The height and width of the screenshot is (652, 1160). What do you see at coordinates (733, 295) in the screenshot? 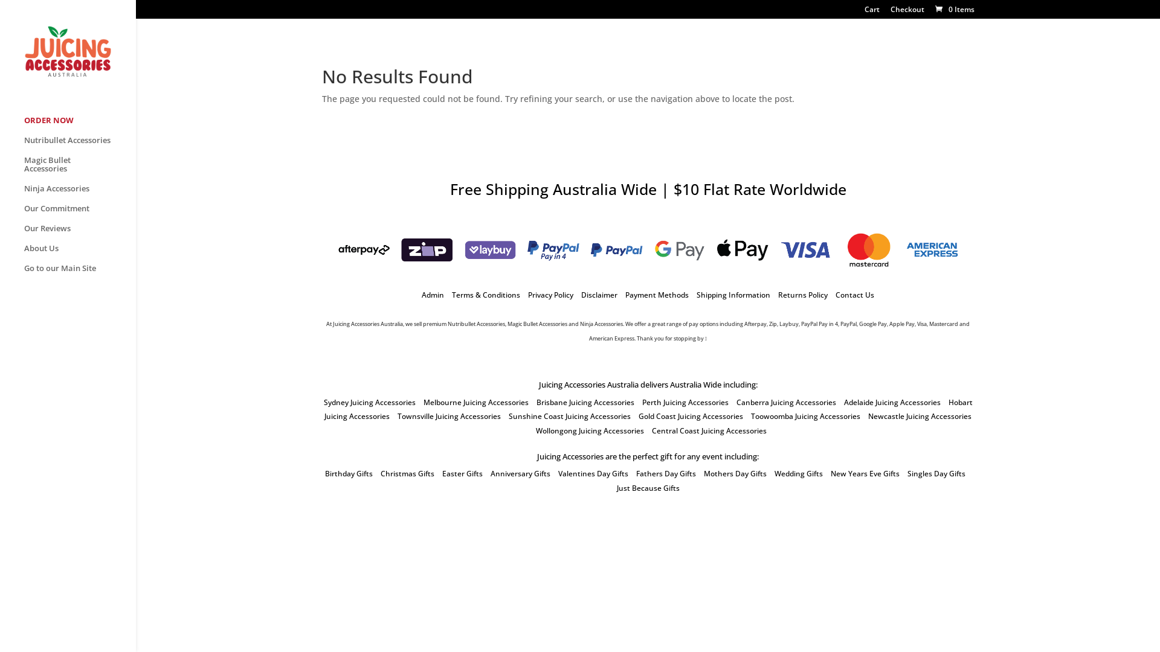
I see `'Shipping Information'` at bounding box center [733, 295].